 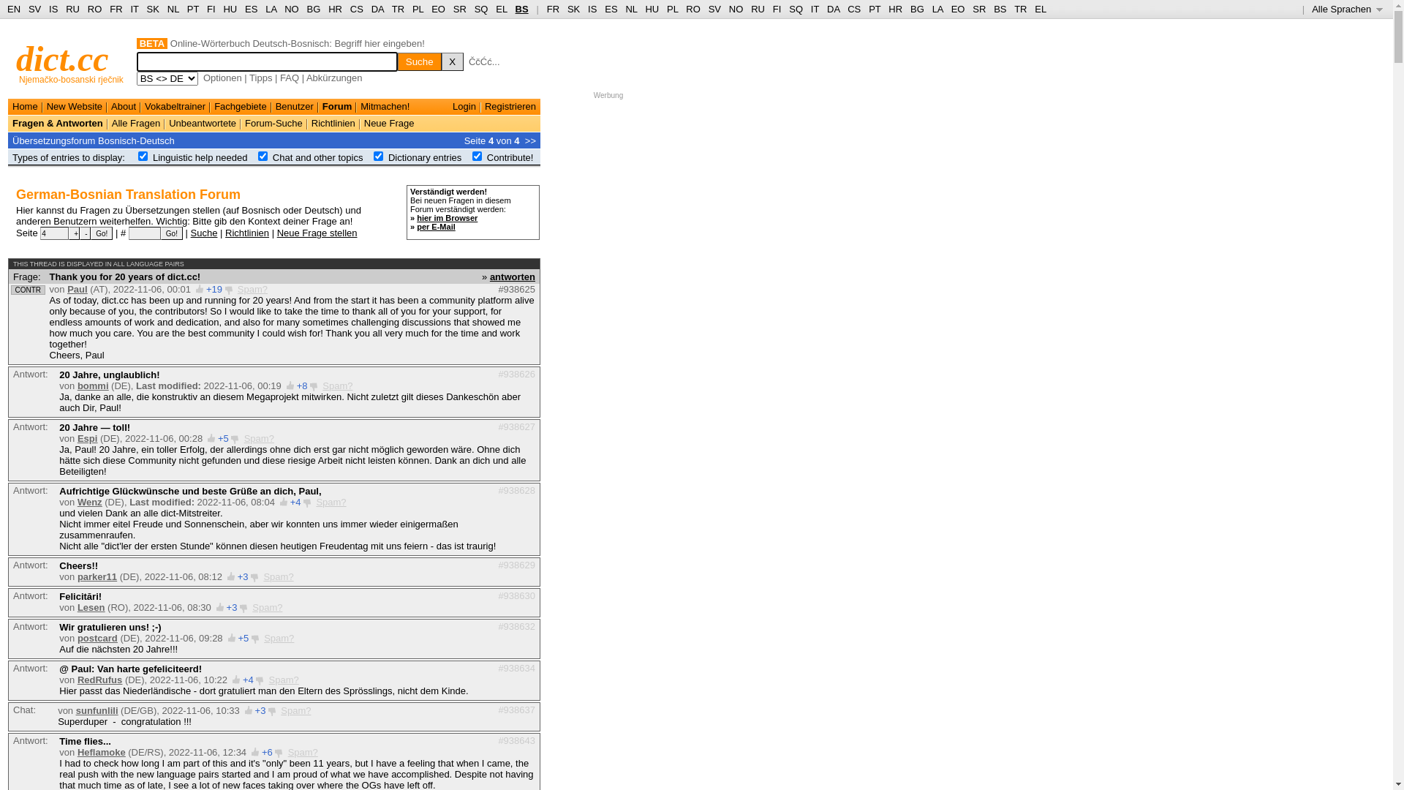 I want to click on '+19', so click(x=205, y=289).